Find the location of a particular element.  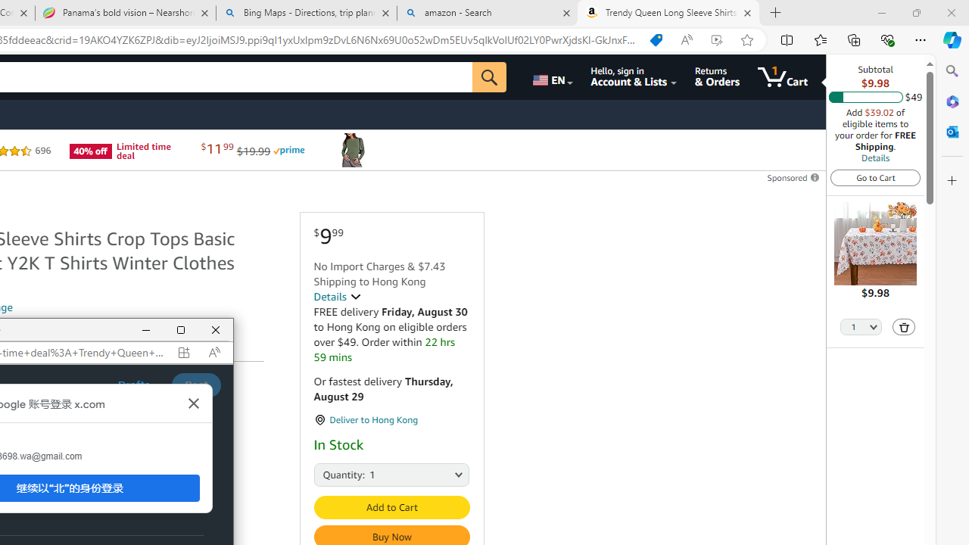

'Quantity Selector' is located at coordinates (861, 327).